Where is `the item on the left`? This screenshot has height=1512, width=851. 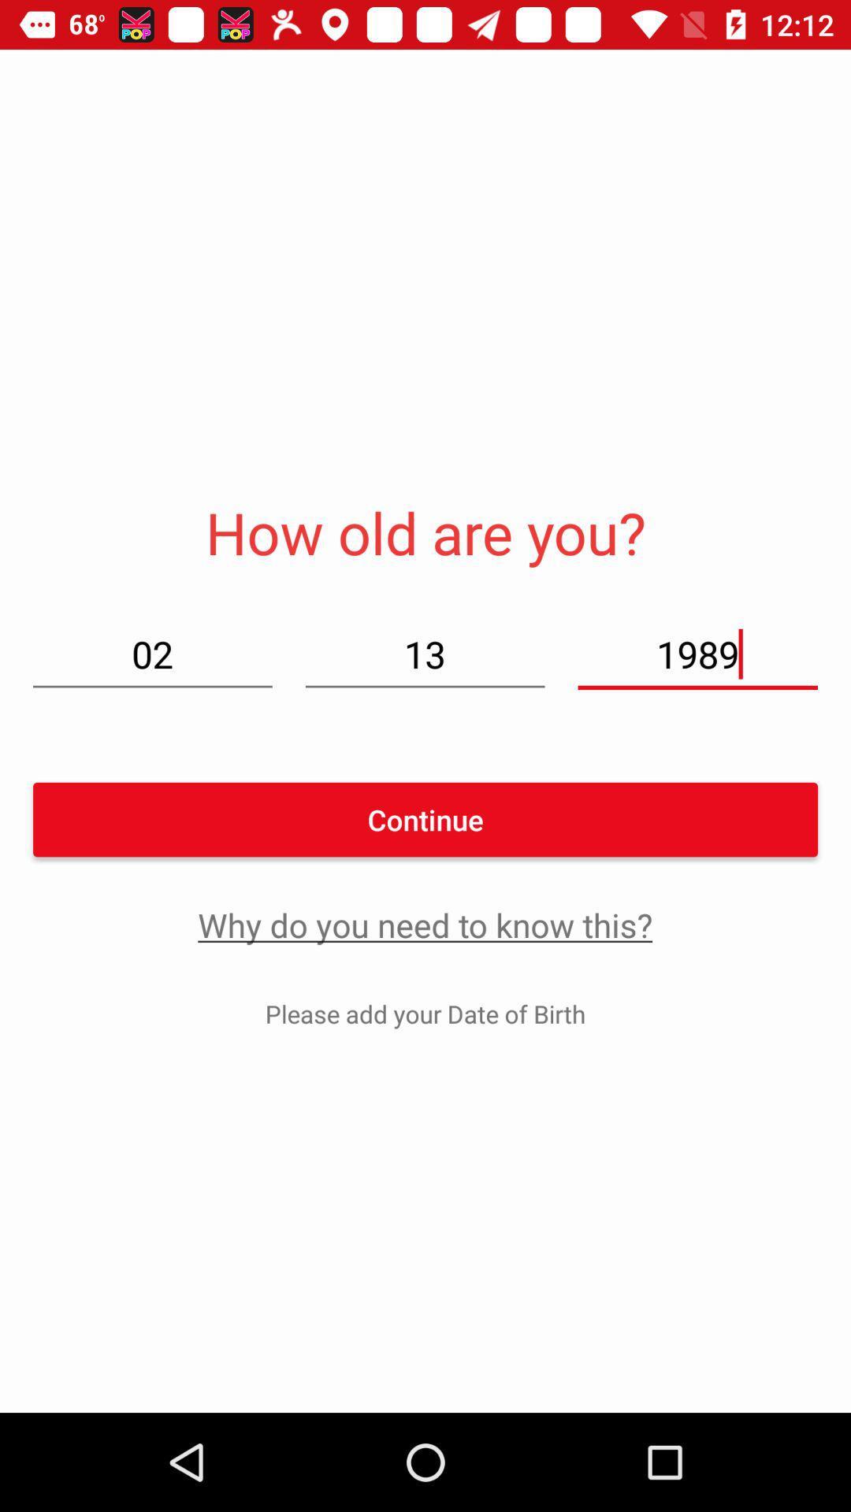
the item on the left is located at coordinates (152, 654).